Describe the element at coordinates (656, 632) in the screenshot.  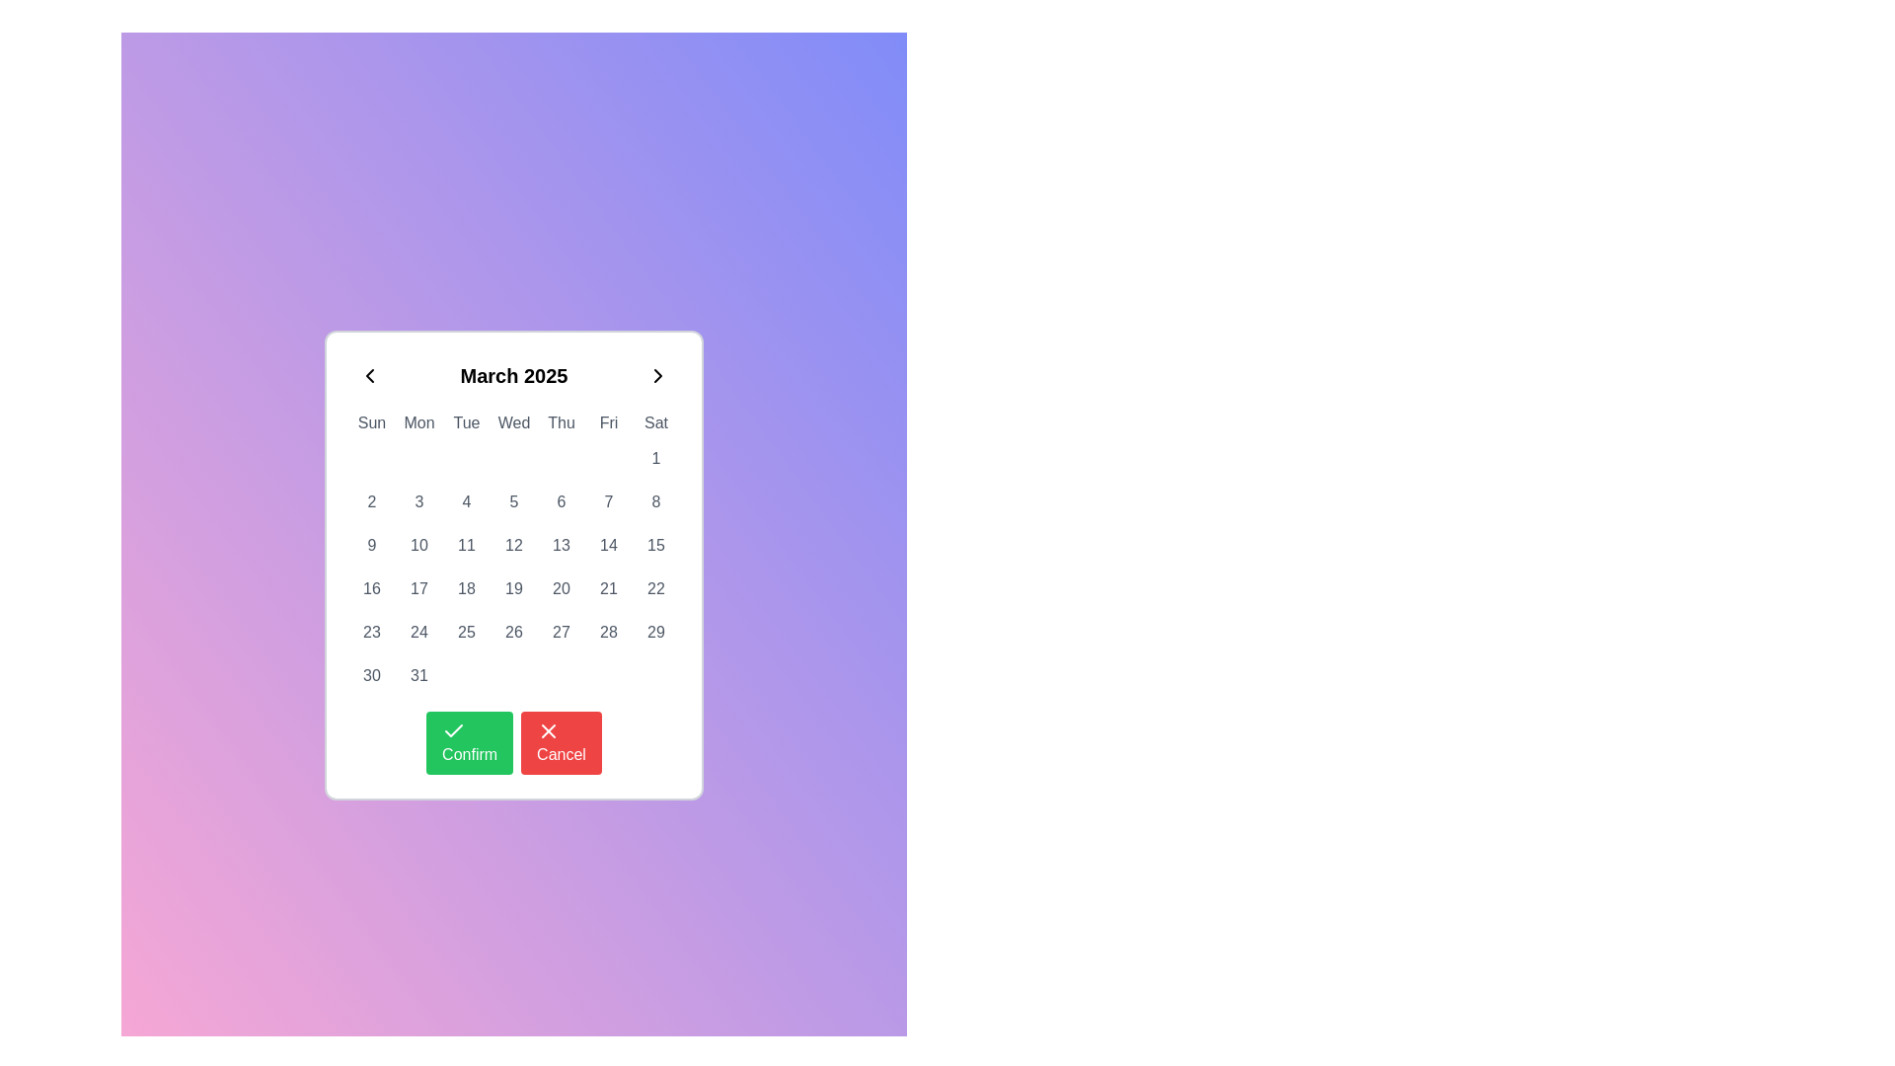
I see `the calendar date cell representing the 29th day` at that location.